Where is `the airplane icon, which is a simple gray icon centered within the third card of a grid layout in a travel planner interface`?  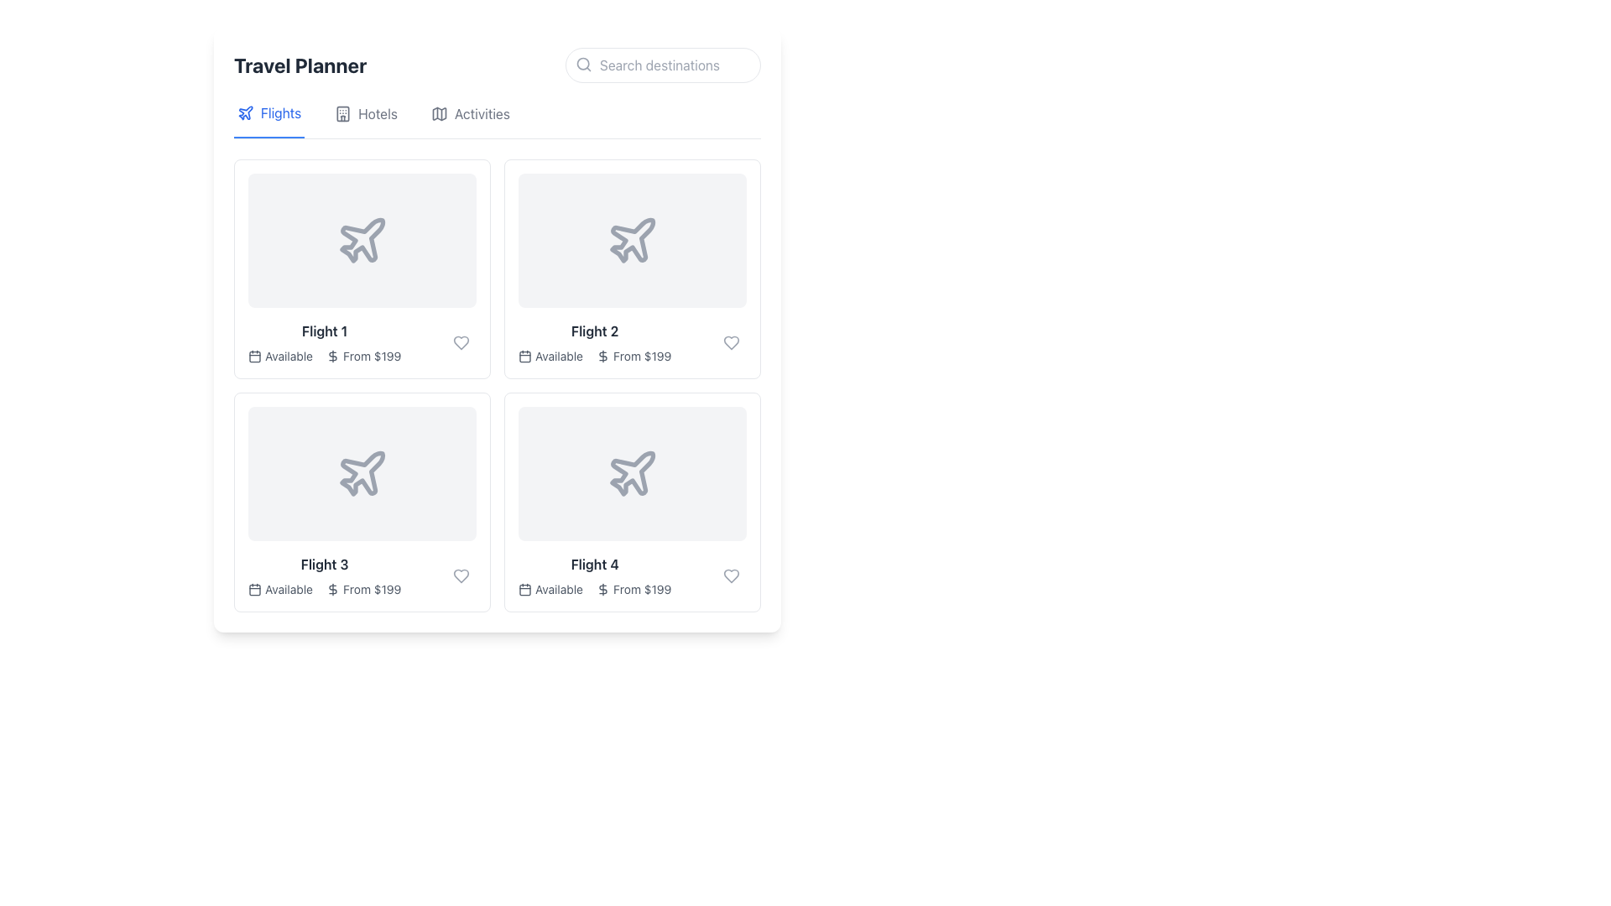 the airplane icon, which is a simple gray icon centered within the third card of a grid layout in a travel planner interface is located at coordinates (362, 473).